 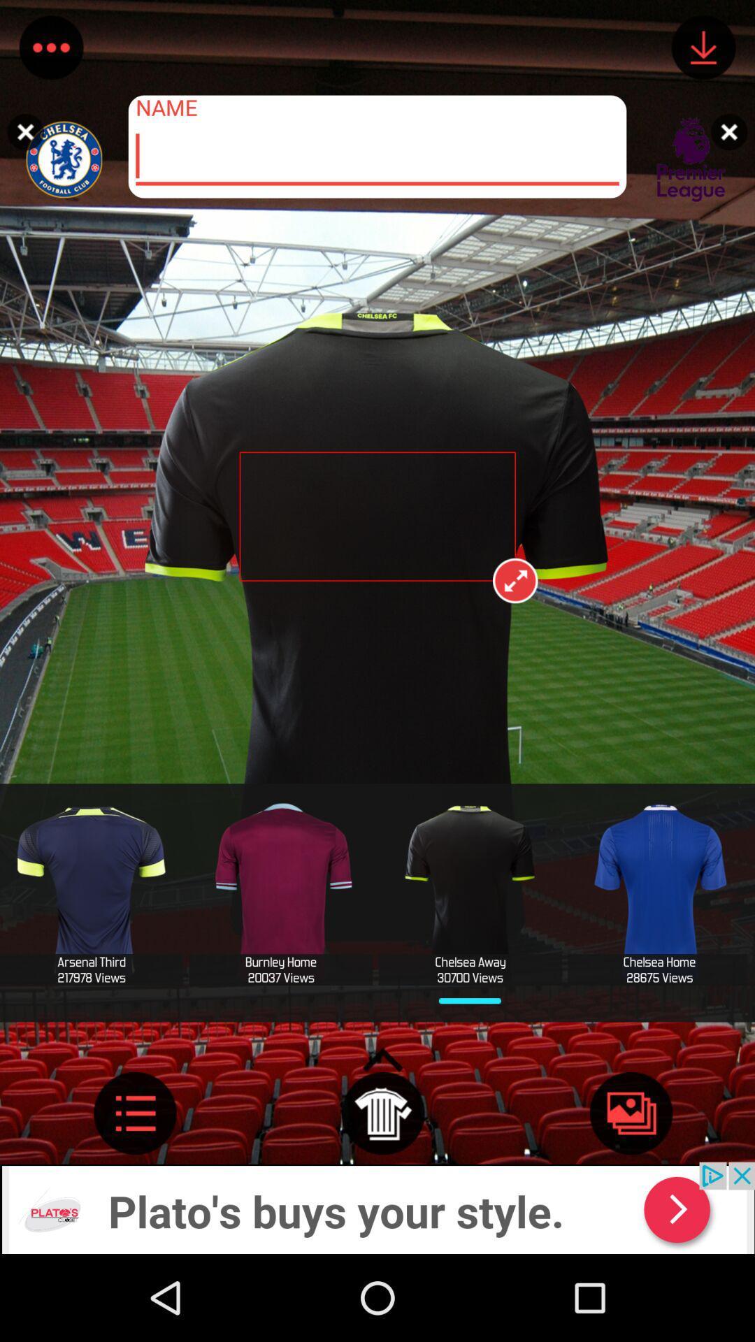 What do you see at coordinates (703, 50) in the screenshot?
I see `the file_download icon` at bounding box center [703, 50].